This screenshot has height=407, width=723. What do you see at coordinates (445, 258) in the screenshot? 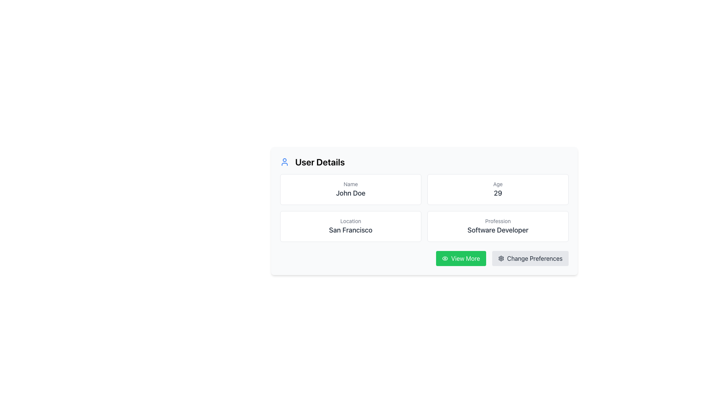
I see `the viewing icon located within the green 'View More' button at the bottom-right corner of the user details card` at bounding box center [445, 258].